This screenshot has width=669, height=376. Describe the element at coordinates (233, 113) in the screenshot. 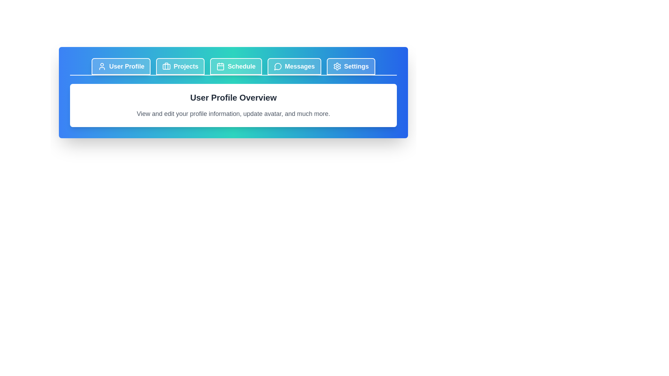

I see `the static text element that provides an informational description about the functionalities offered in the User Profile section, located directly below the 'User Profile Overview' title` at that location.